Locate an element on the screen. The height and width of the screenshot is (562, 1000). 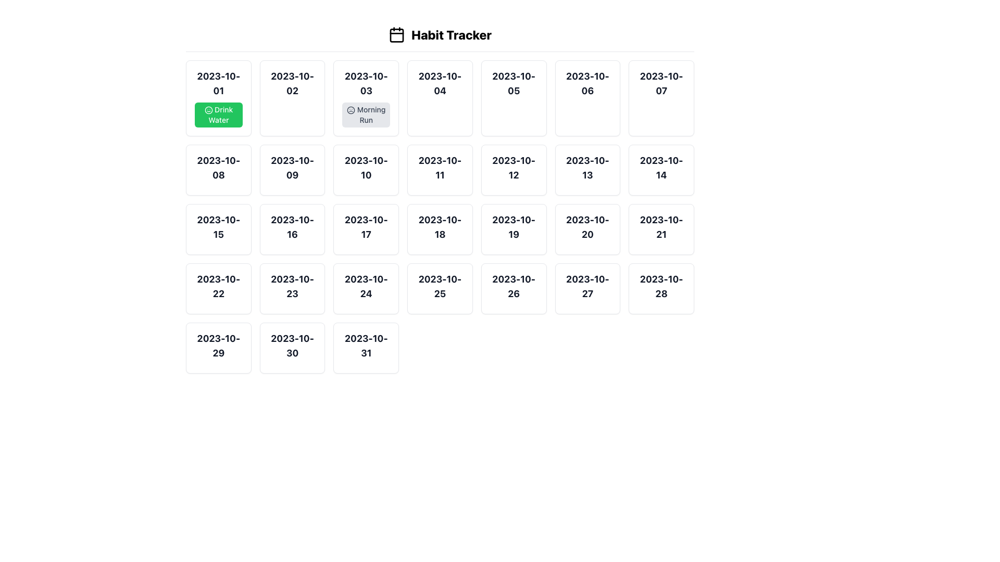
the displayed date indicator text '2023-10-19' located in the third row, sixth column of the calendar grid is located at coordinates (514, 226).